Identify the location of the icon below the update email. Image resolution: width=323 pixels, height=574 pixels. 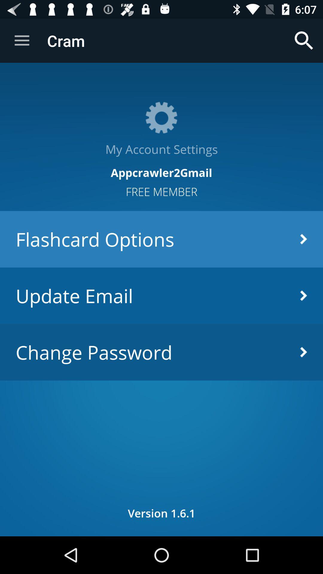
(161, 352).